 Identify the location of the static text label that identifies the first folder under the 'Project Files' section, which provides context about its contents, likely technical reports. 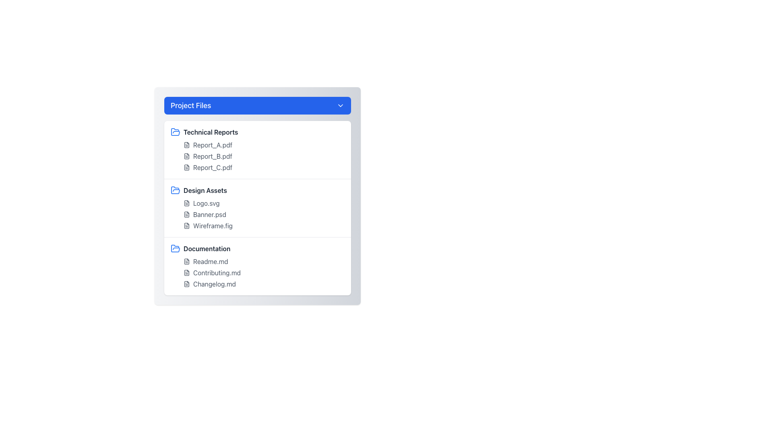
(211, 131).